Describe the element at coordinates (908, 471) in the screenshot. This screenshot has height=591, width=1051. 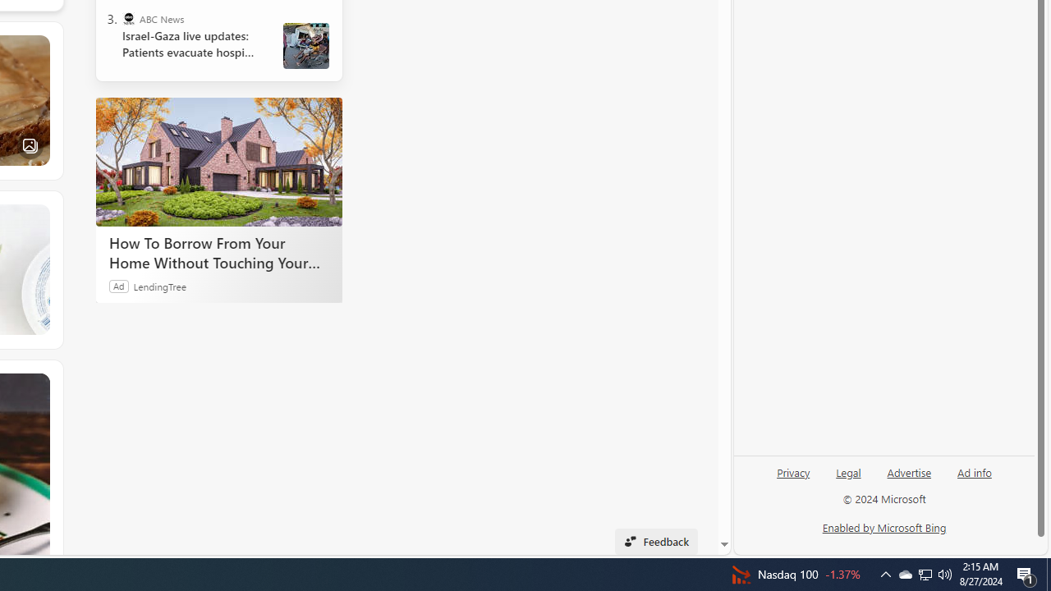
I see `'Advertise'` at that location.